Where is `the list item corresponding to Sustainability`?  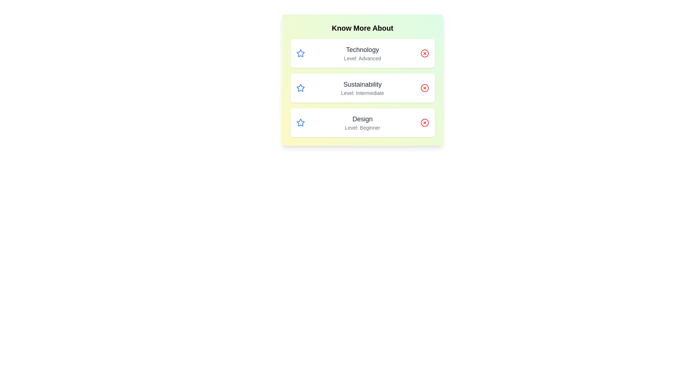
the list item corresponding to Sustainability is located at coordinates (362, 87).